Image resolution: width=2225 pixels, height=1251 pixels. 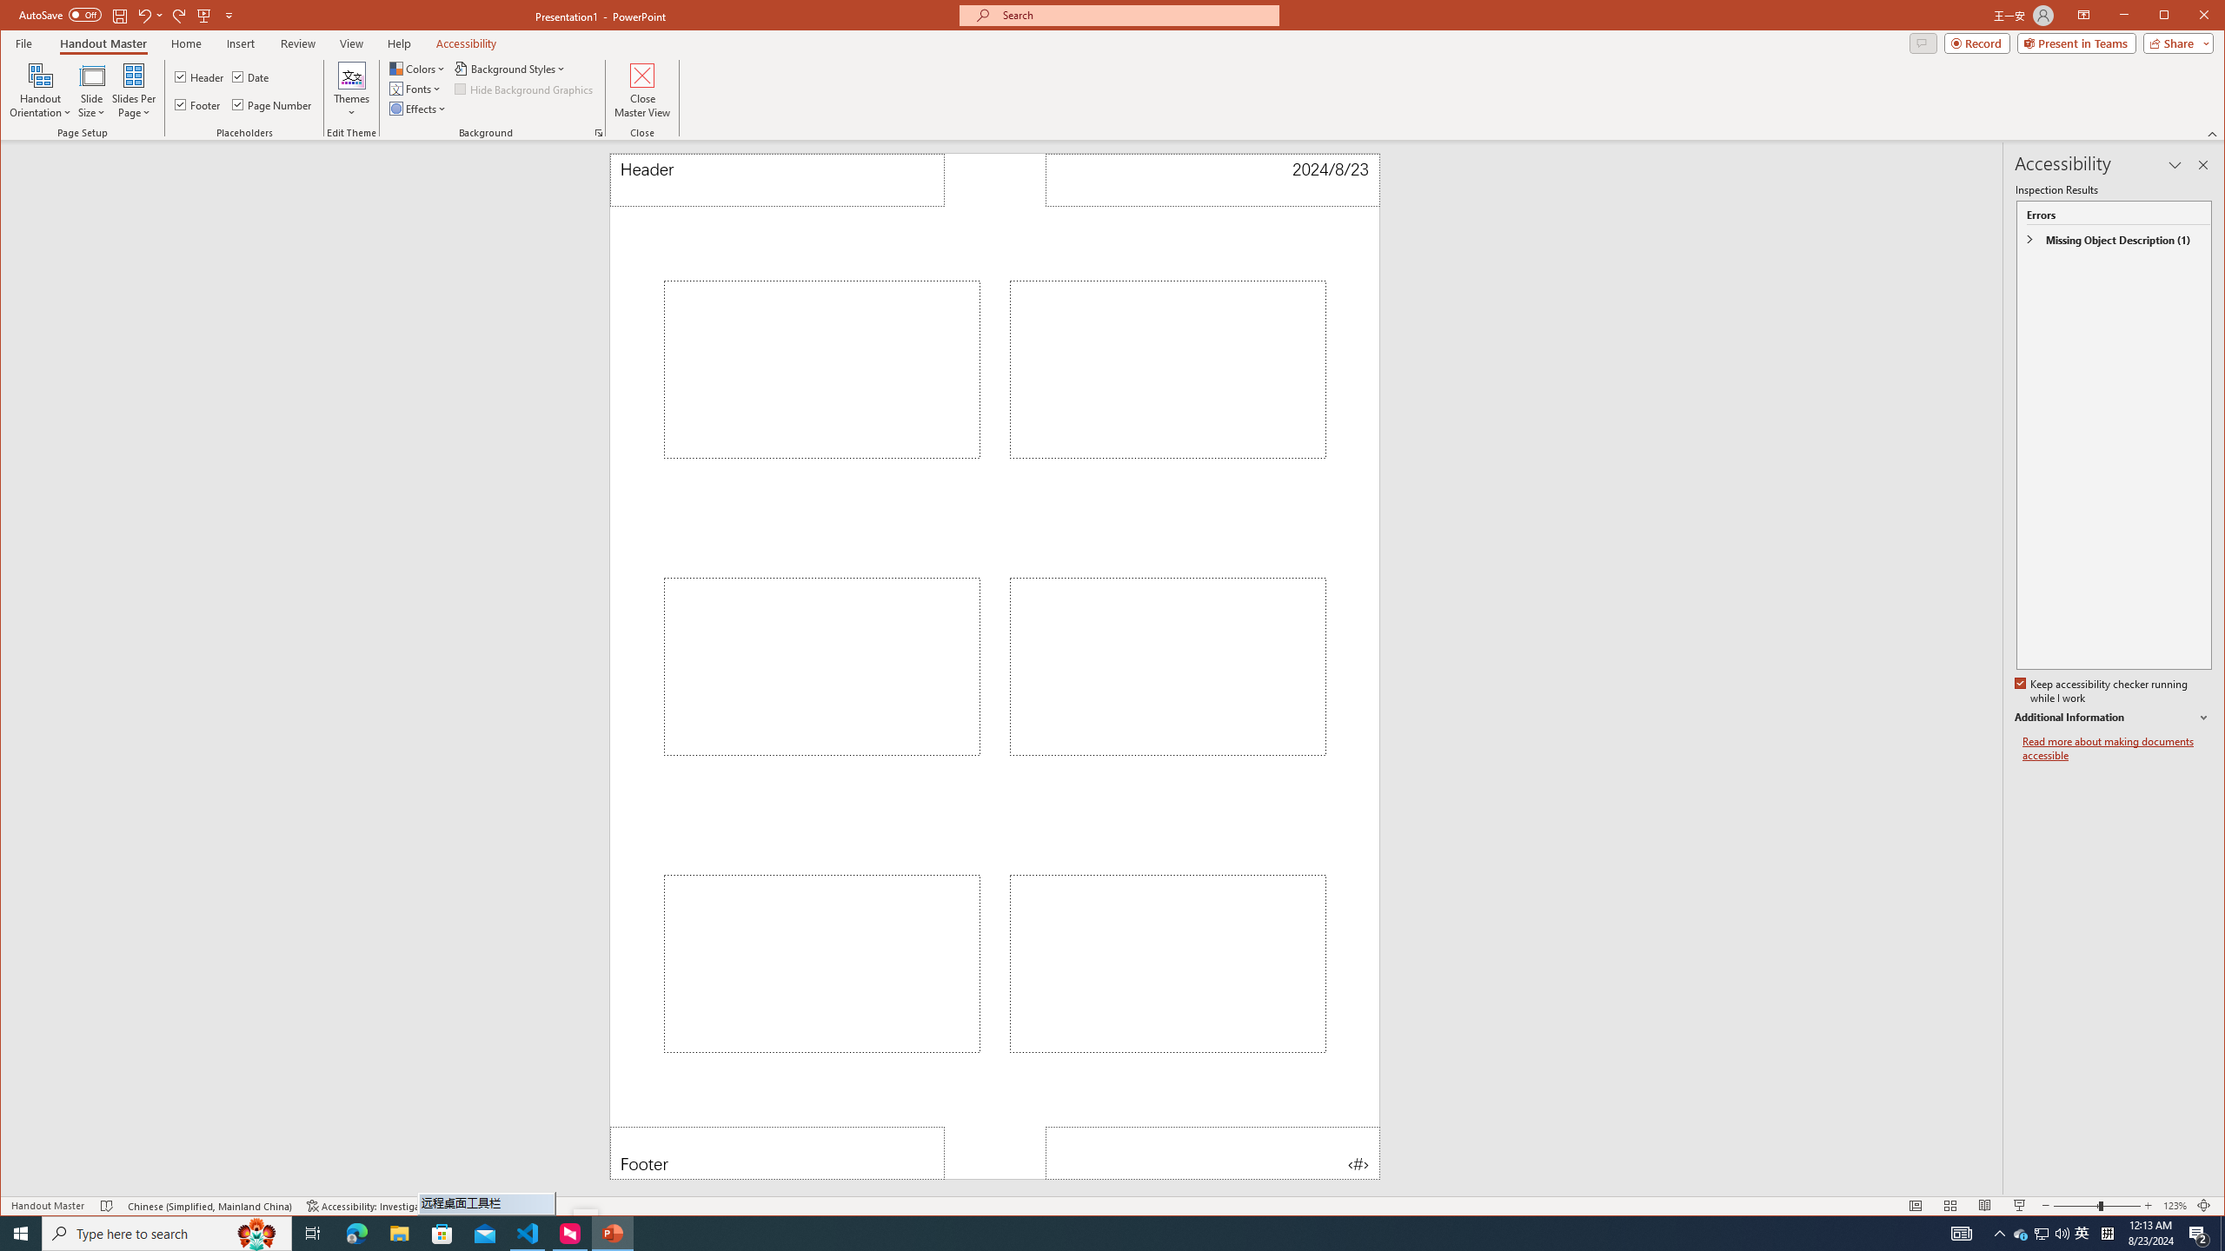 I want to click on 'Themes', so click(x=350, y=89).